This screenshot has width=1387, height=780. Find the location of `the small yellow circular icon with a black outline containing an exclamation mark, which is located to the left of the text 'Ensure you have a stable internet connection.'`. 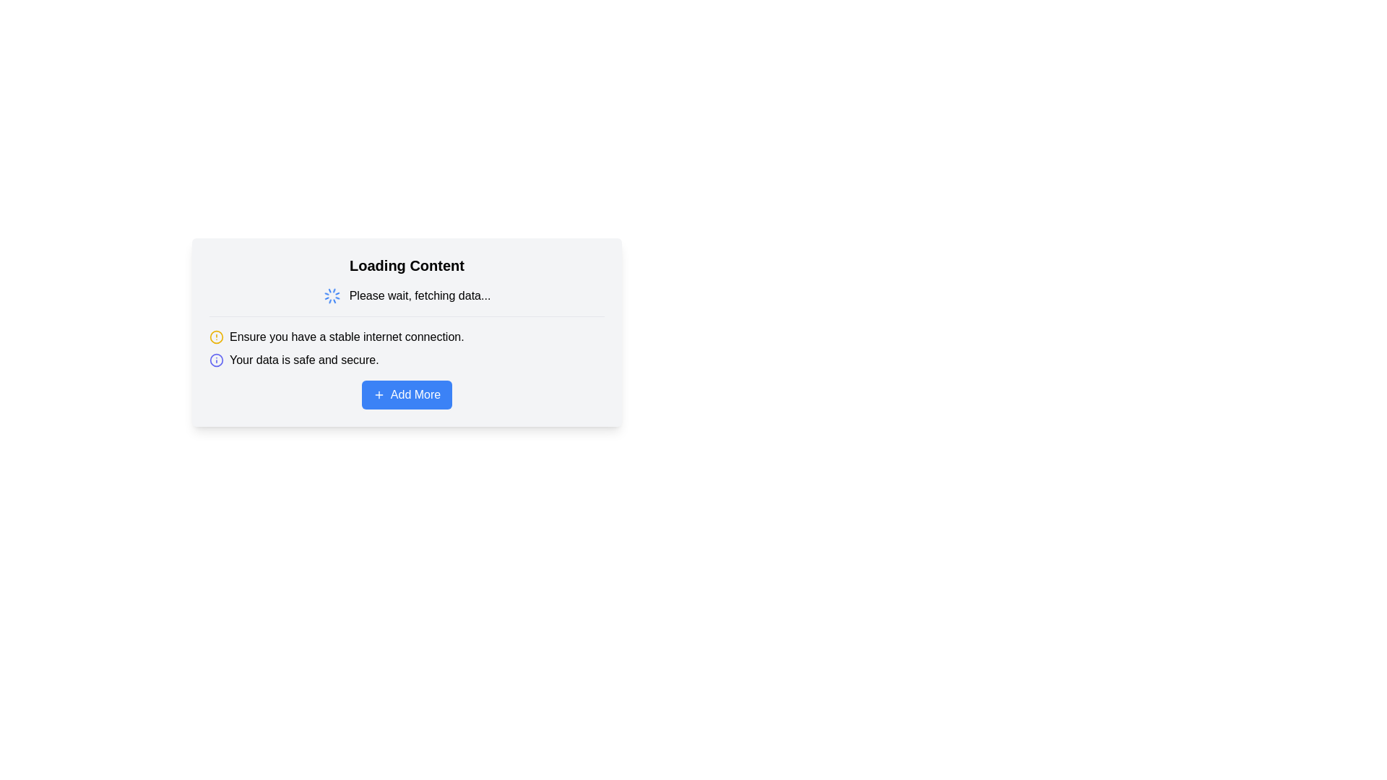

the small yellow circular icon with a black outline containing an exclamation mark, which is located to the left of the text 'Ensure you have a stable internet connection.' is located at coordinates (215, 337).